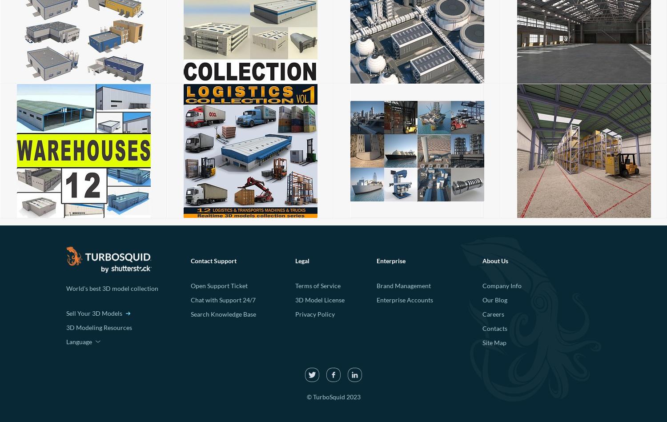 This screenshot has width=667, height=422. Describe the element at coordinates (112, 288) in the screenshot. I see `'World's best 3D model collection'` at that location.